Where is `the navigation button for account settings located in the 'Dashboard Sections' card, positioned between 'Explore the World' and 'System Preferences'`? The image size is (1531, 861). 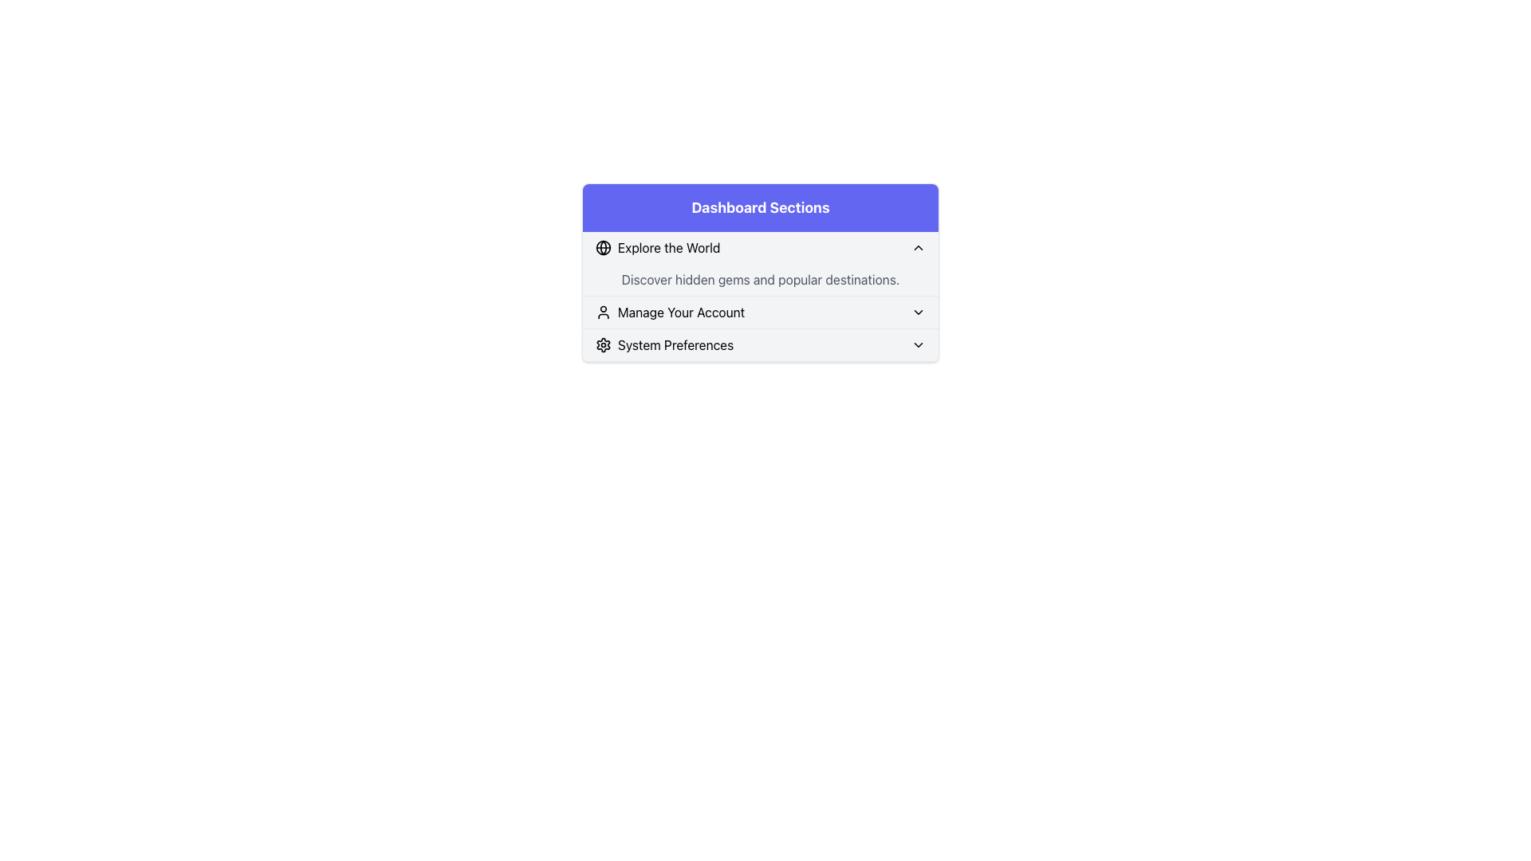
the navigation button for account settings located in the 'Dashboard Sections' card, positioned between 'Explore the World' and 'System Preferences' is located at coordinates (760, 313).